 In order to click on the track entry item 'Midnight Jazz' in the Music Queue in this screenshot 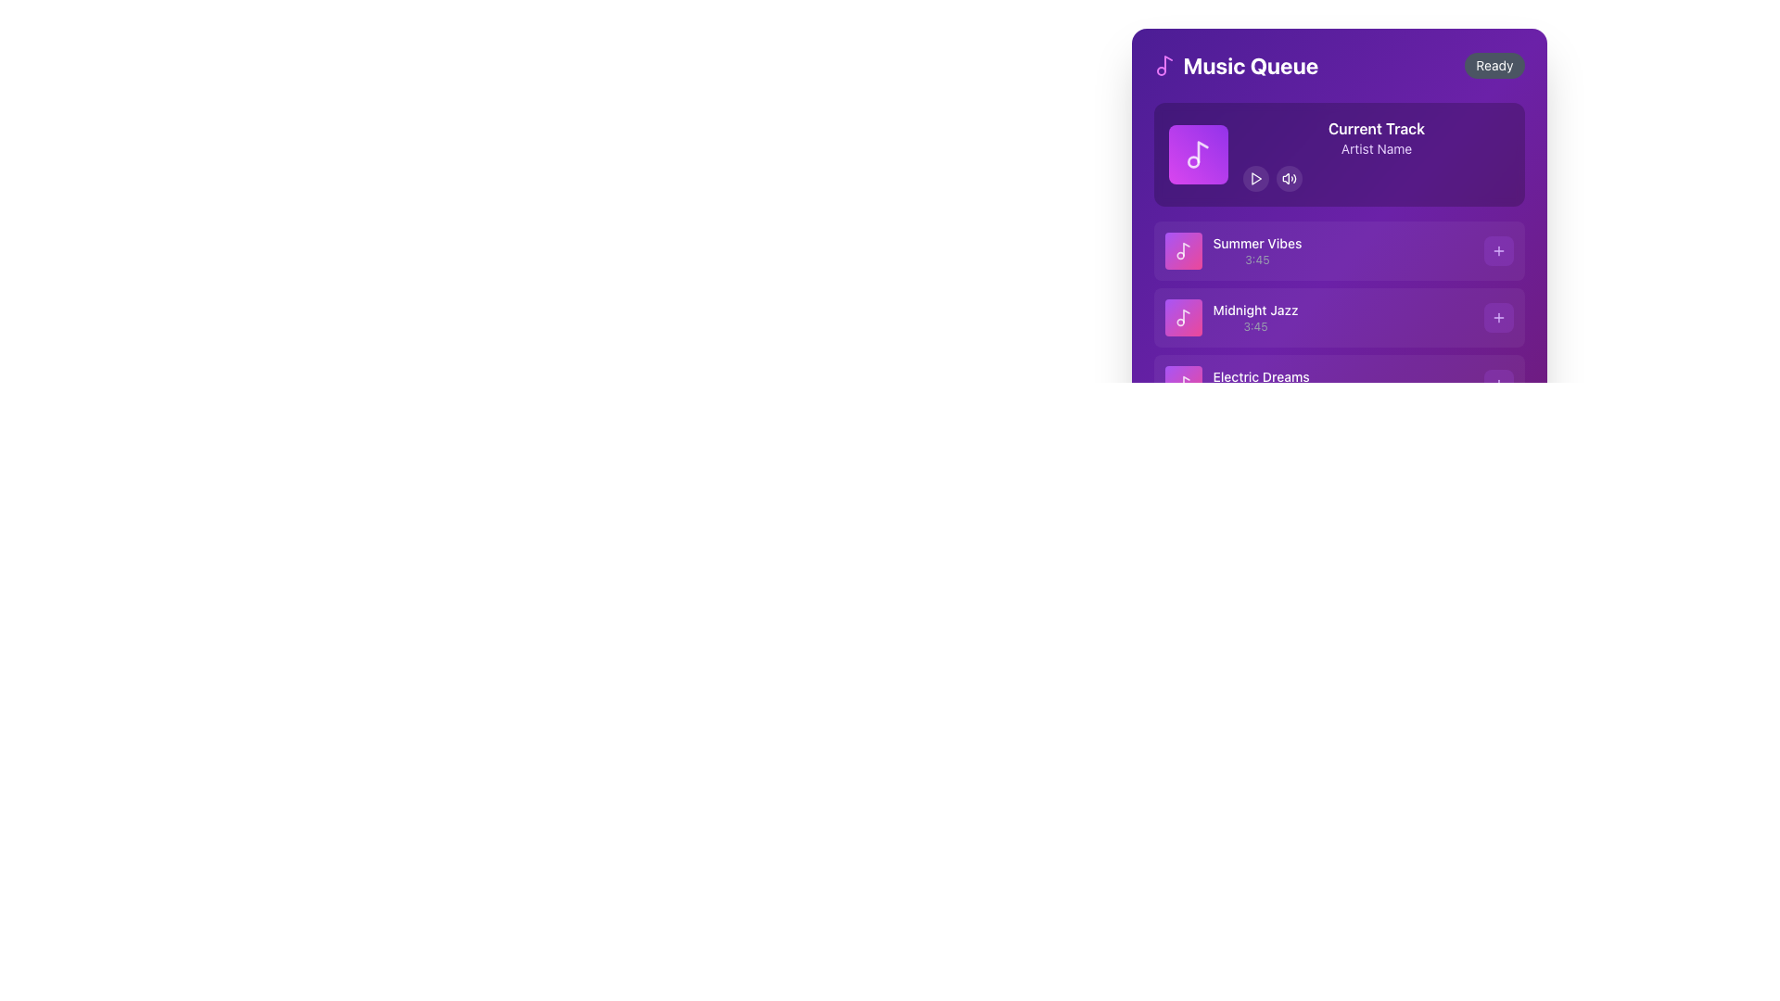, I will do `click(1339, 317)`.